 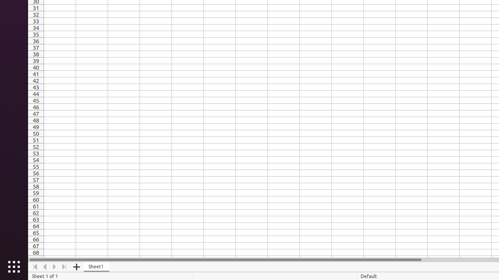 What do you see at coordinates (44, 266) in the screenshot?
I see `'Move Left'` at bounding box center [44, 266].